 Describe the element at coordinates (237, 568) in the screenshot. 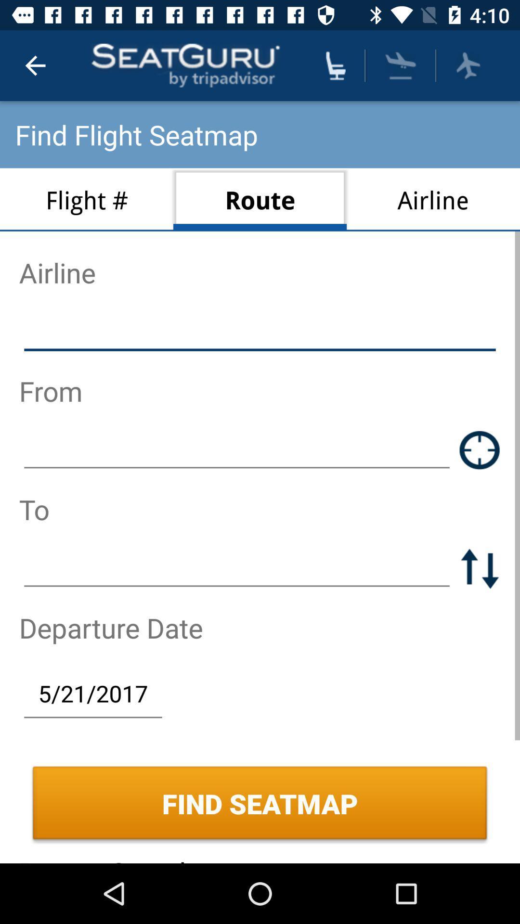

I see `destination selection option` at that location.